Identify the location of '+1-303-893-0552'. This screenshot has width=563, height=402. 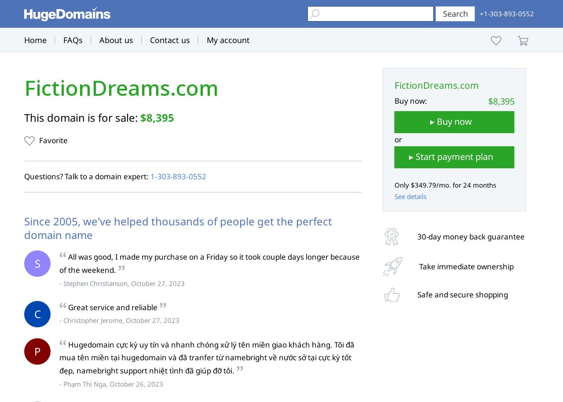
(507, 14).